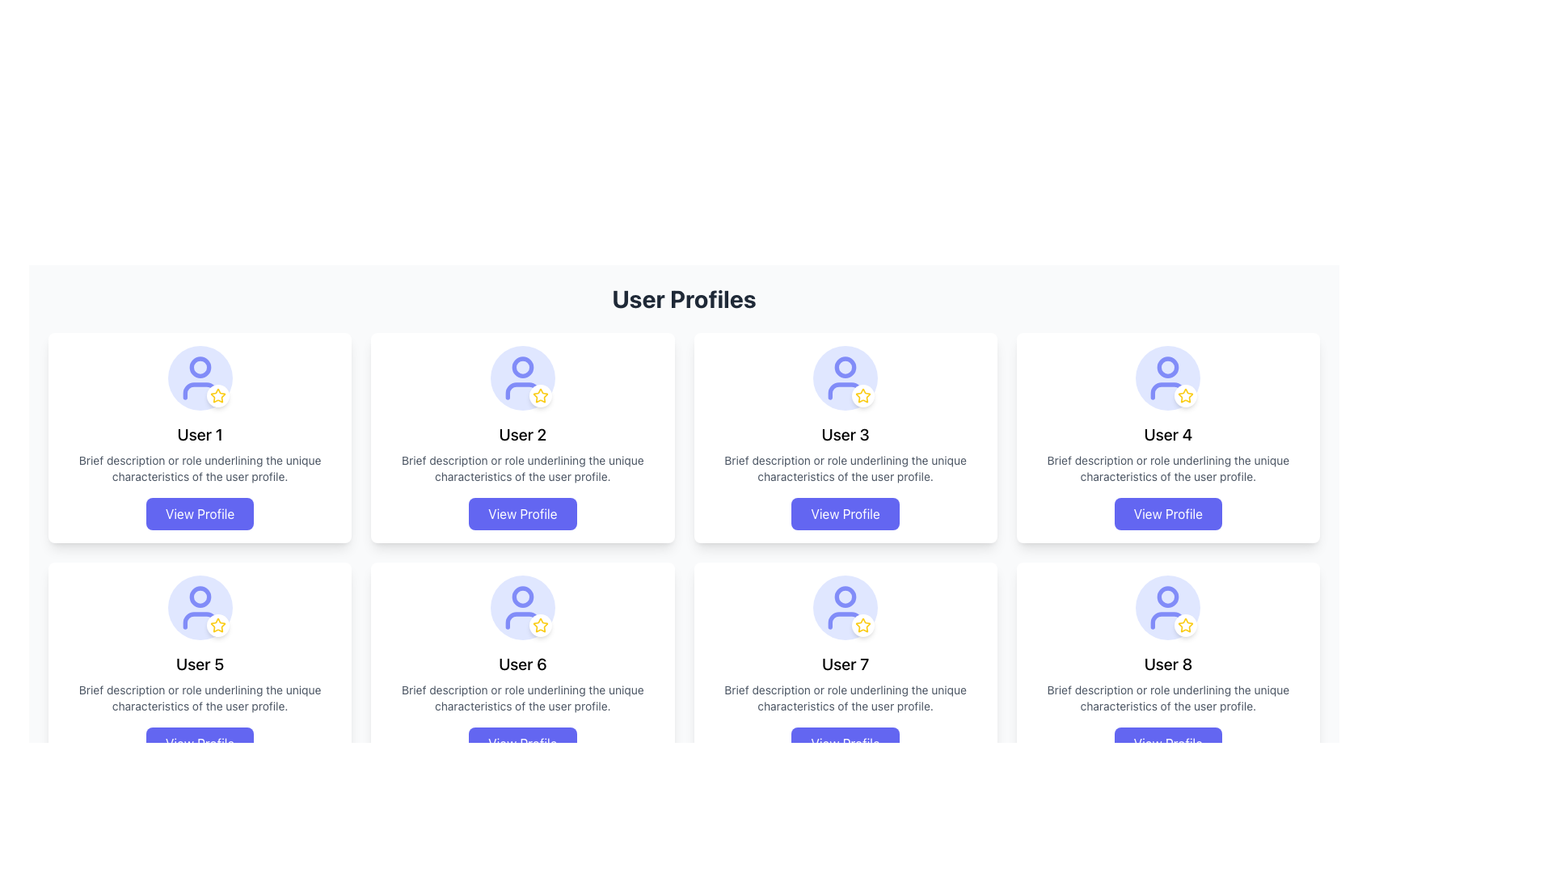  I want to click on the favorite indicator icon located at the bottom right corner of the card for 'User 2', which signifies a marked or favorited user profile, so click(540, 395).